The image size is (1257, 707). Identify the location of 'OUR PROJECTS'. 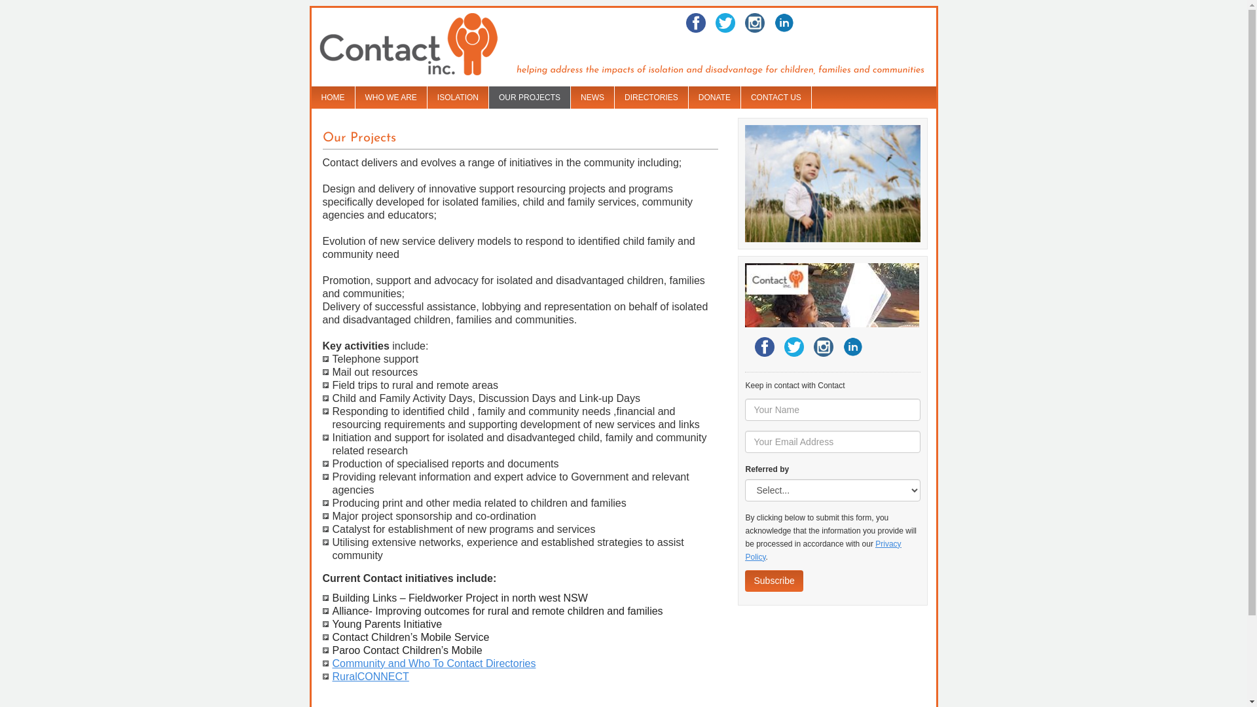
(530, 97).